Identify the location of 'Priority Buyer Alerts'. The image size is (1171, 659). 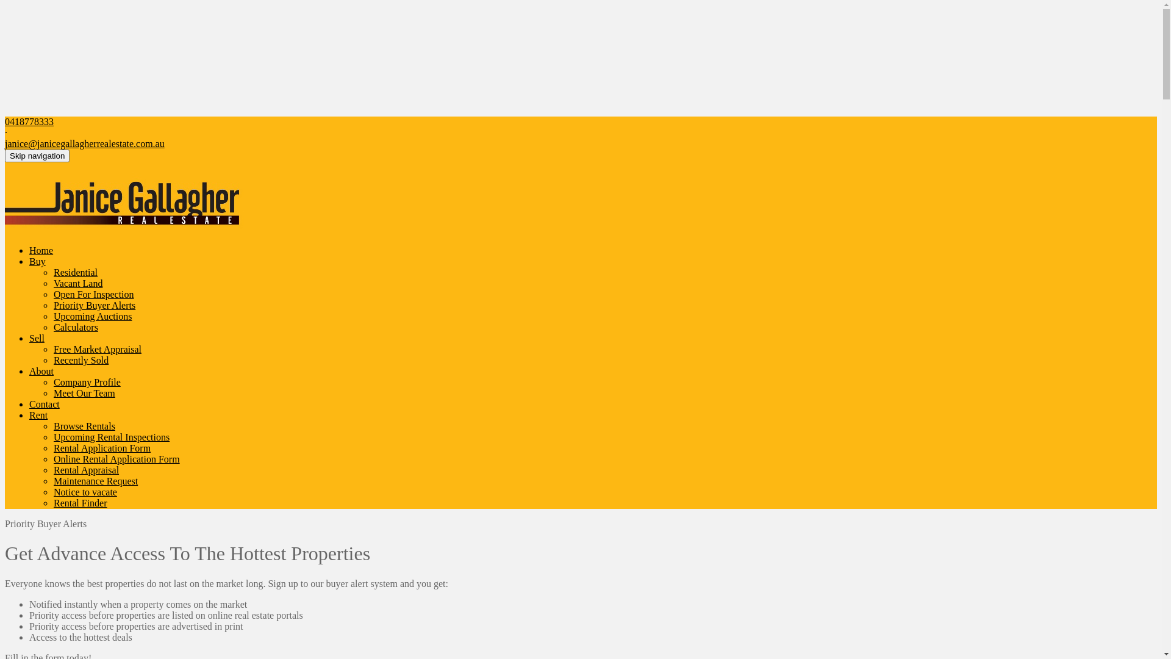
(52, 304).